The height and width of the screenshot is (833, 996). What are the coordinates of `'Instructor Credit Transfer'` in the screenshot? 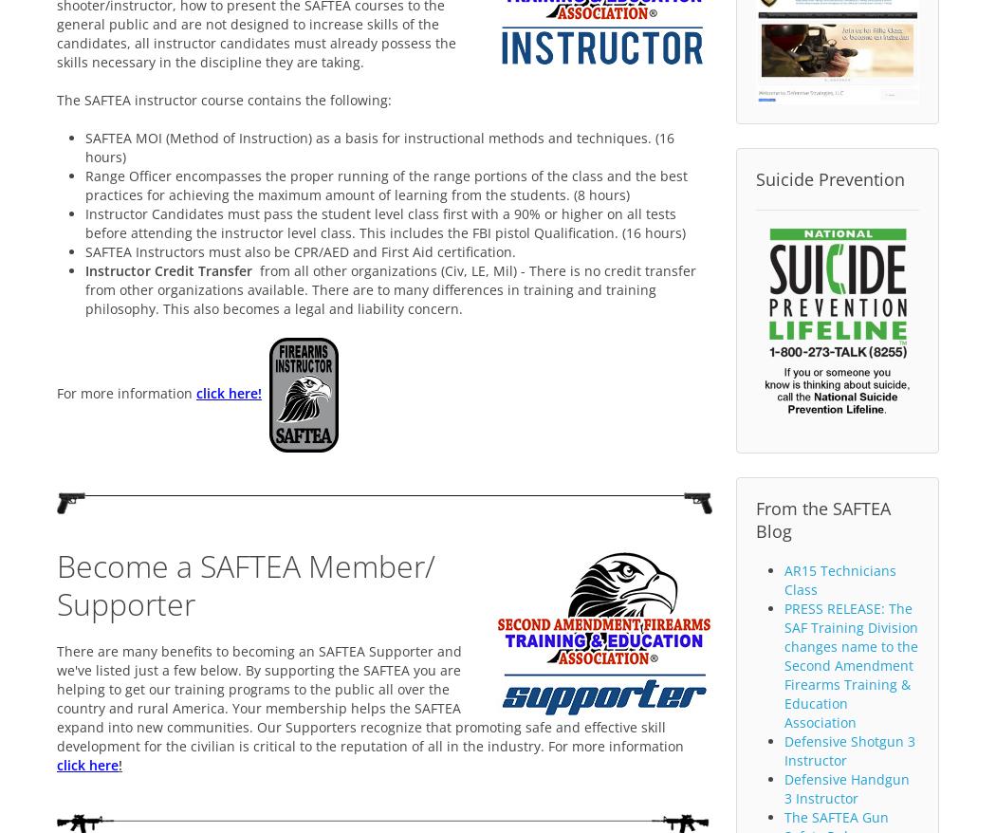 It's located at (168, 268).